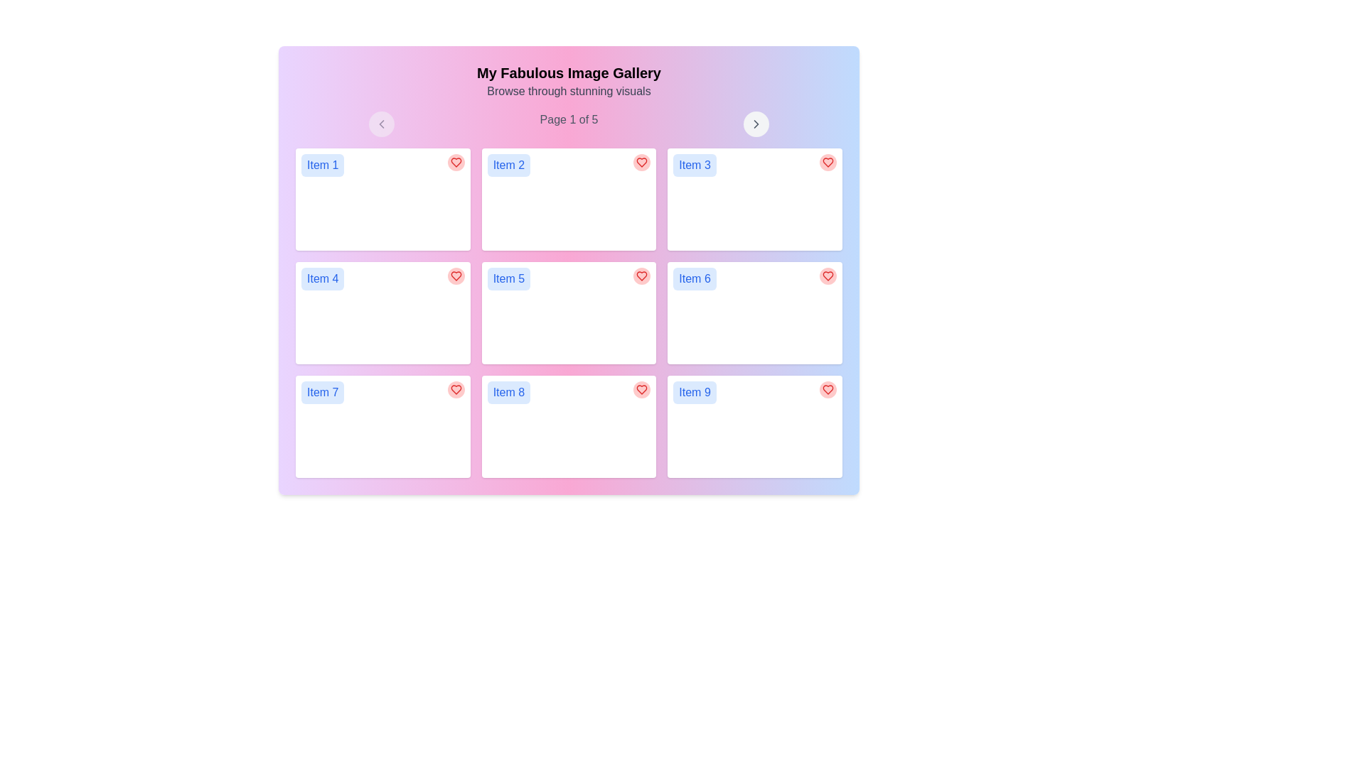 Image resolution: width=1365 pixels, height=767 pixels. Describe the element at coordinates (828, 389) in the screenshot. I see `the heart-shaped icon in the top-right corner of the 'Item 9' card` at that location.